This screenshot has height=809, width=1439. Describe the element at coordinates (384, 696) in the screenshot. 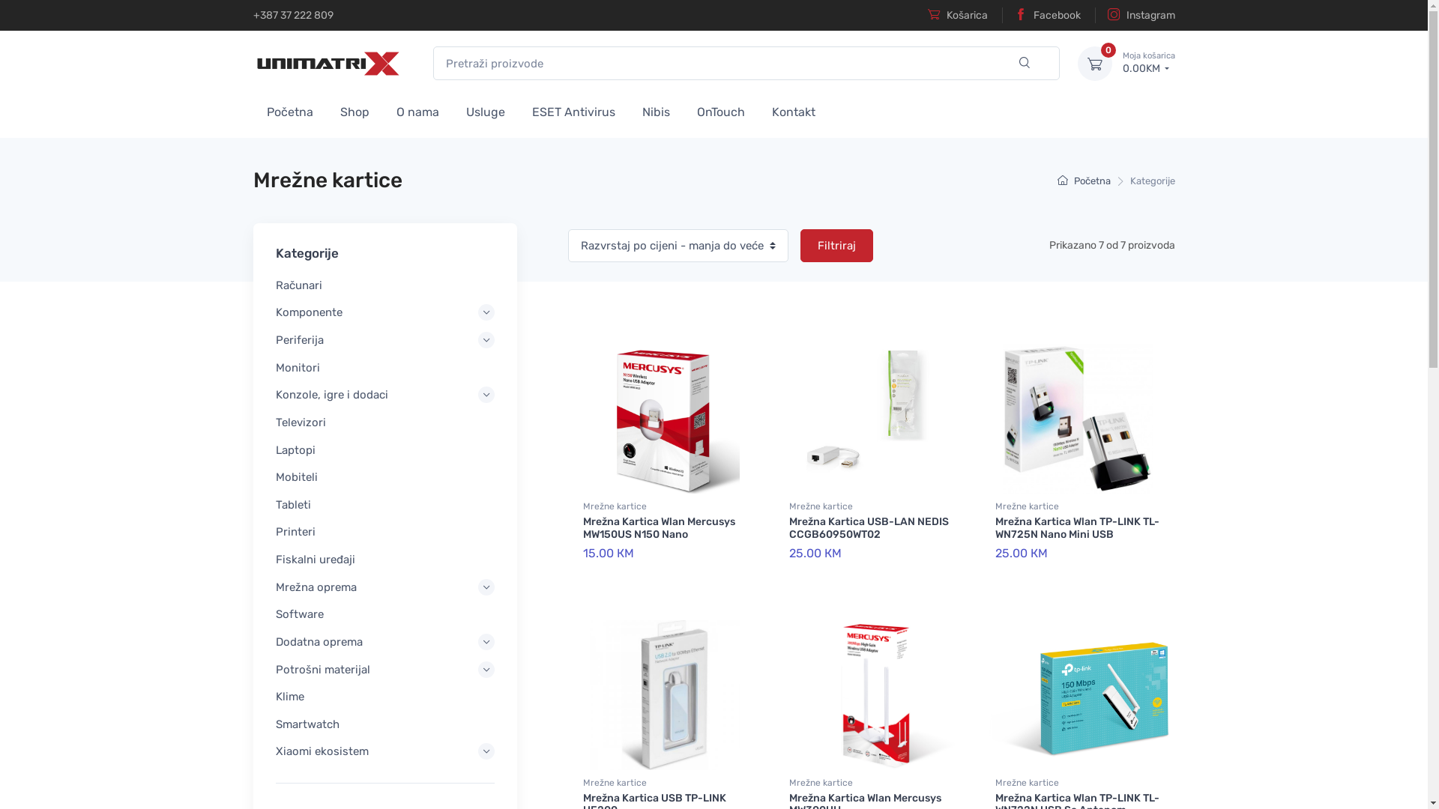

I see `'Klime'` at that location.